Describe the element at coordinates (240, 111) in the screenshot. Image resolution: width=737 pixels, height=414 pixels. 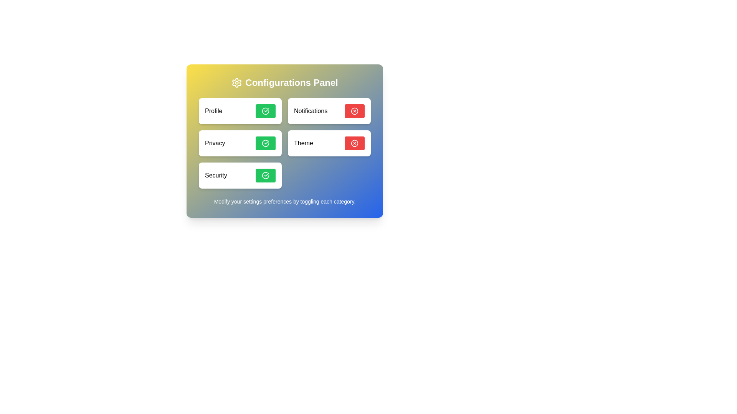
I see `the 'Profile' interactive card in the configuration panel` at that location.